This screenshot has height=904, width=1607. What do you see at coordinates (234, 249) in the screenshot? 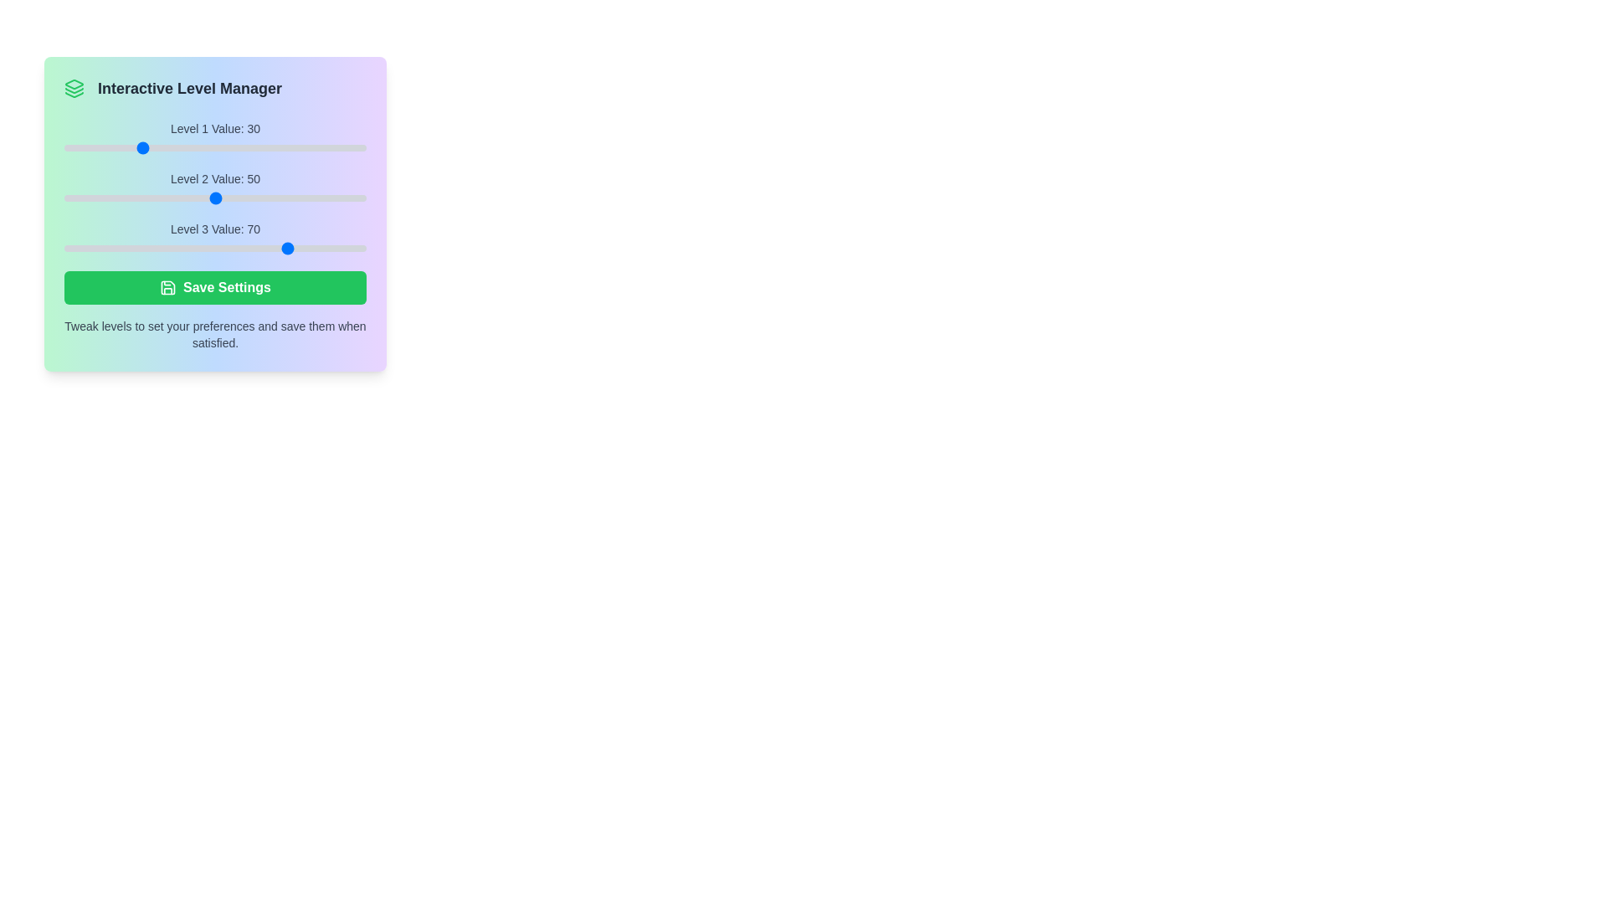
I see `the Level 3 value` at bounding box center [234, 249].